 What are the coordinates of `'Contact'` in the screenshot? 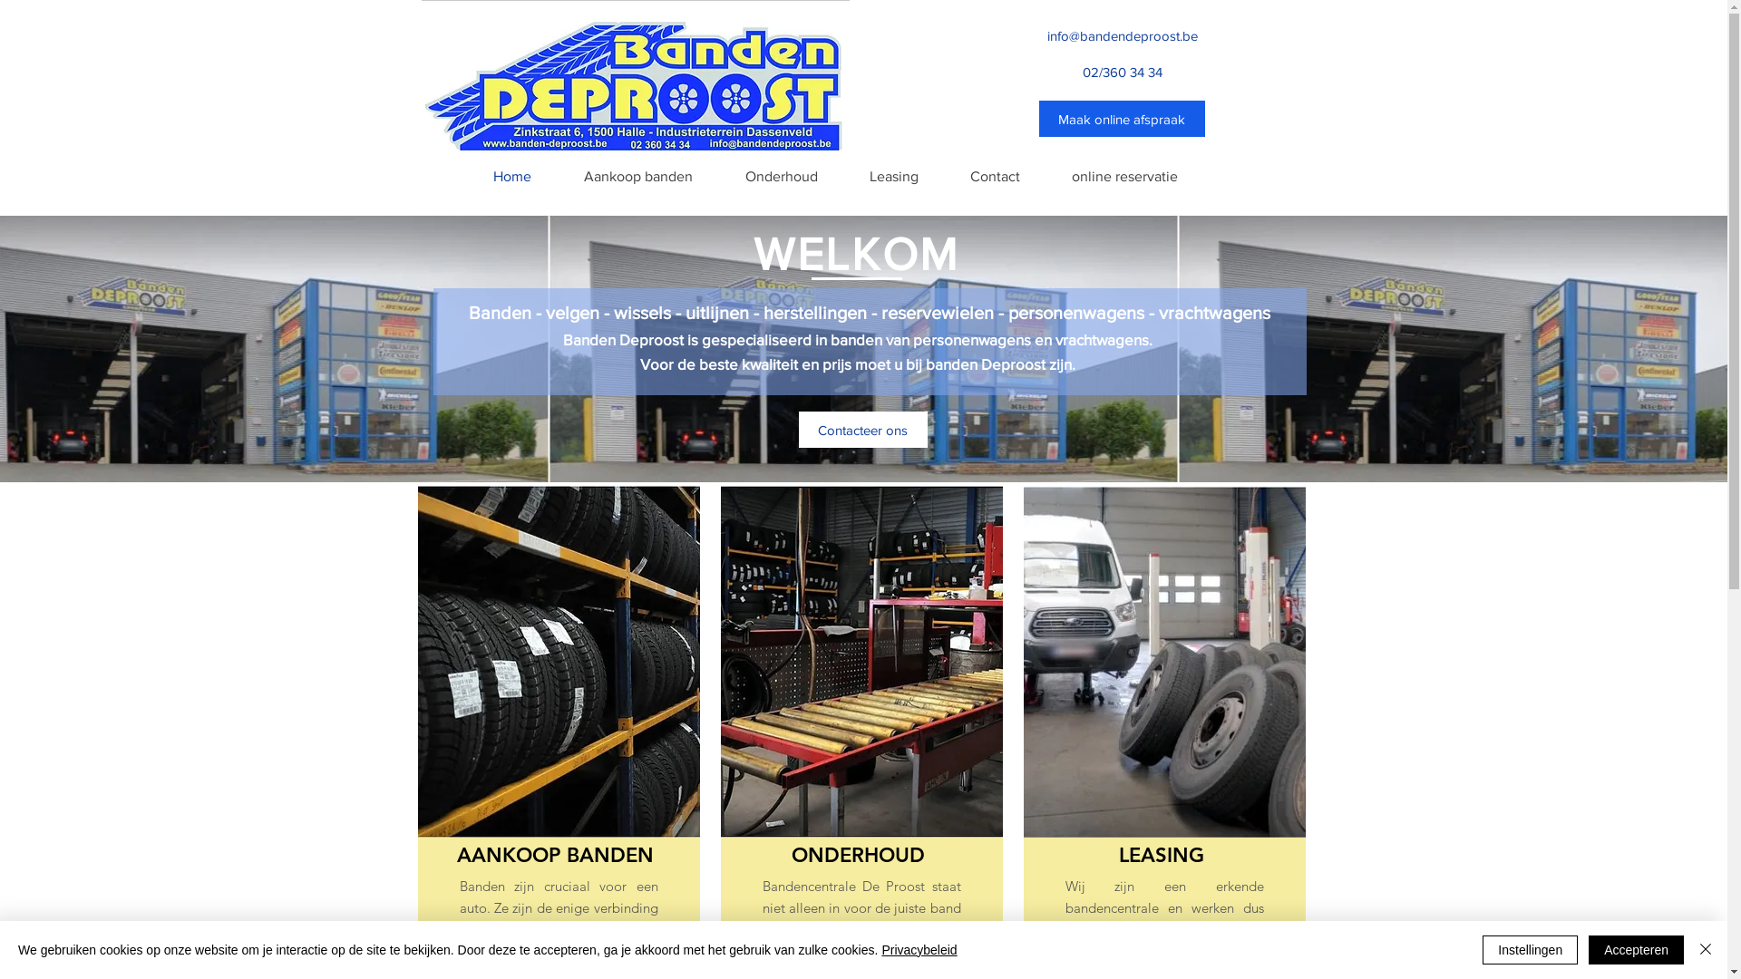 It's located at (943, 177).